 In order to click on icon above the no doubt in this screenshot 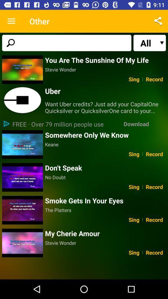, I will do `click(105, 167)`.